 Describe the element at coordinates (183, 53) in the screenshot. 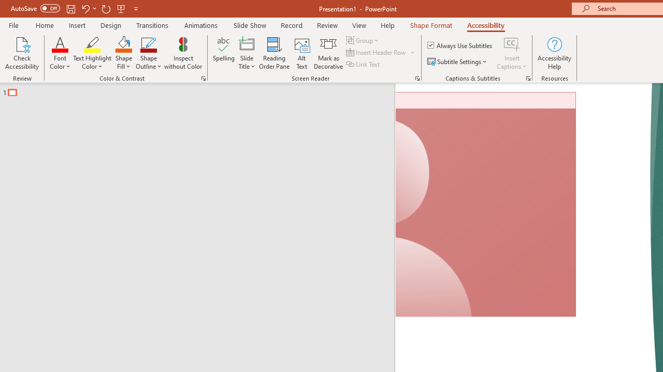

I see `'Inspect without Color'` at that location.